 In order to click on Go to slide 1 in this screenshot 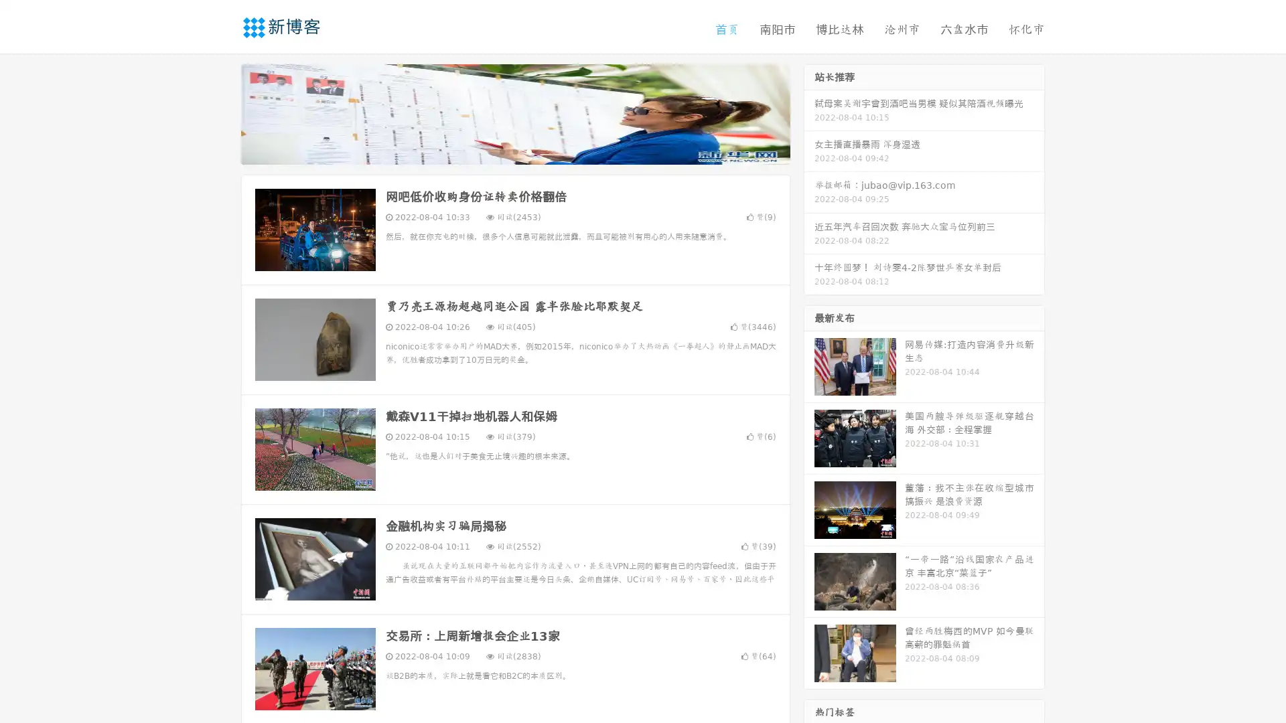, I will do `click(501, 151)`.